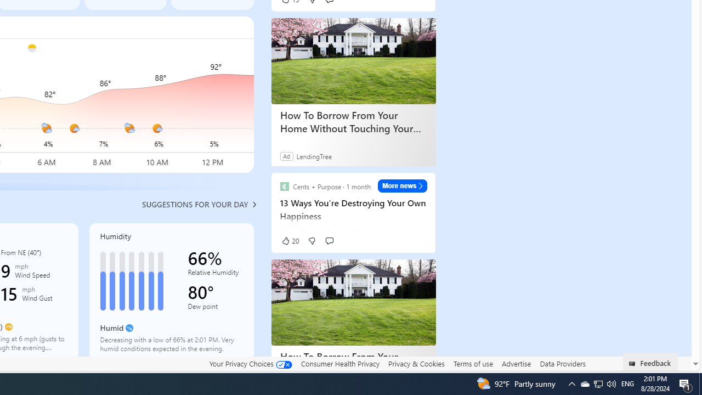  Describe the element at coordinates (473, 364) in the screenshot. I see `'Terms of use'` at that location.